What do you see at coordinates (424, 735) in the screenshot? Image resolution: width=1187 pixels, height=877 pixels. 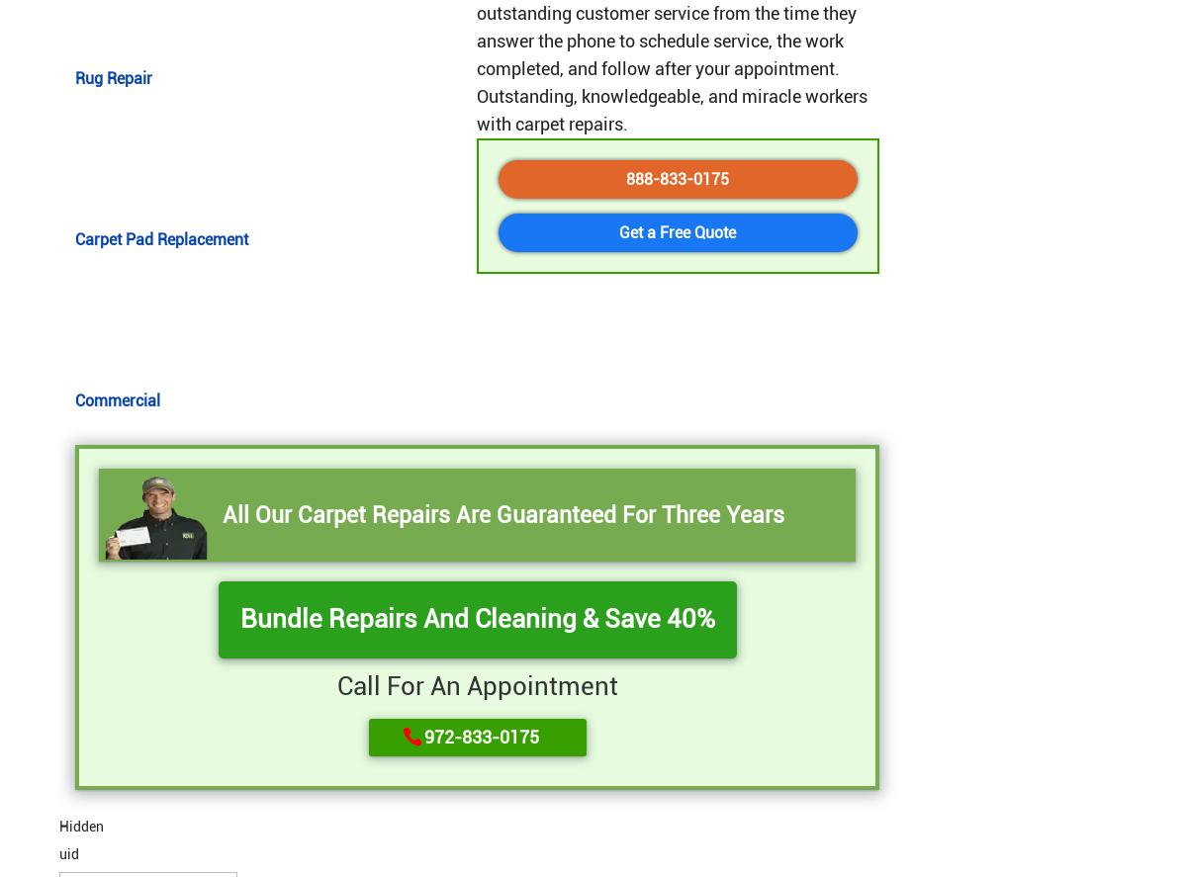 I see `'972-833-0175'` at bounding box center [424, 735].